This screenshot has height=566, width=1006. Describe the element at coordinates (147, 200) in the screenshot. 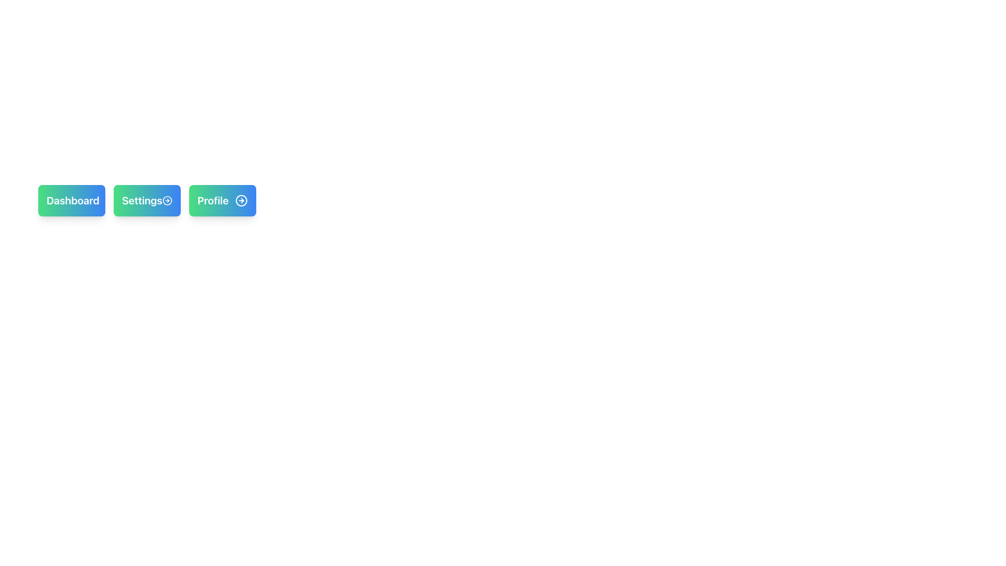

I see `the 'Settings' button, which is a rectangular button with a gradient background from green to blue and features bold white text and a white arrow icon` at that location.